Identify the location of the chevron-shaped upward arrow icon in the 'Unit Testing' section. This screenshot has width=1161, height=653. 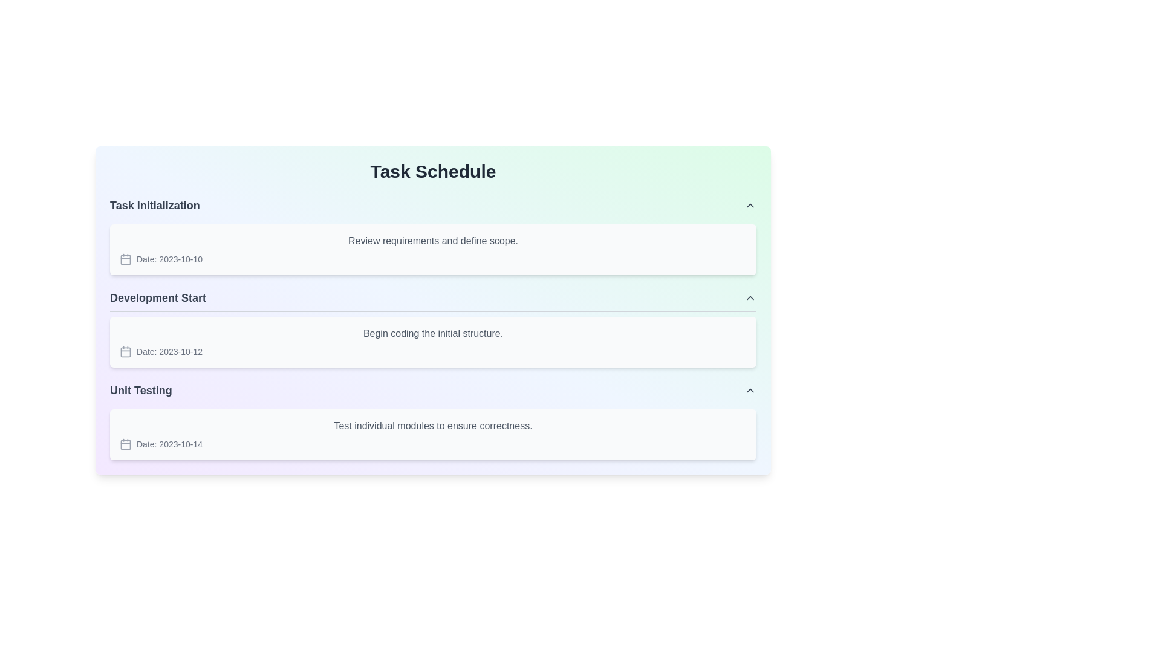
(750, 390).